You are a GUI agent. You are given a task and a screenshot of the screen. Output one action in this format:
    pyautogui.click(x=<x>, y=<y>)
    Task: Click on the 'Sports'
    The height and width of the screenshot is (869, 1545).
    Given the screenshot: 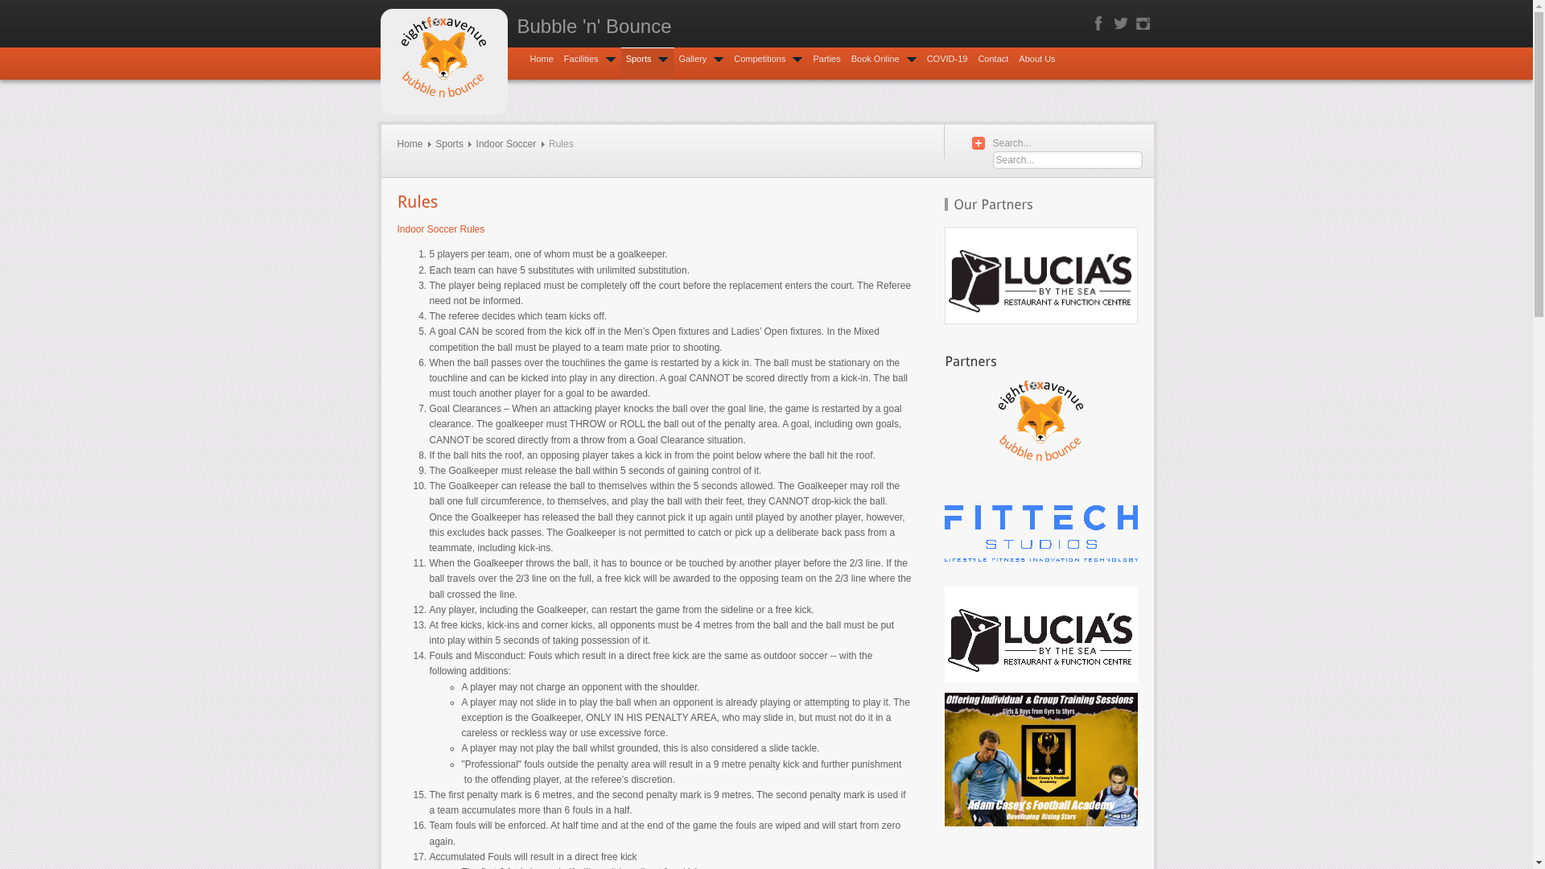 What is the action you would take?
    pyautogui.click(x=647, y=64)
    